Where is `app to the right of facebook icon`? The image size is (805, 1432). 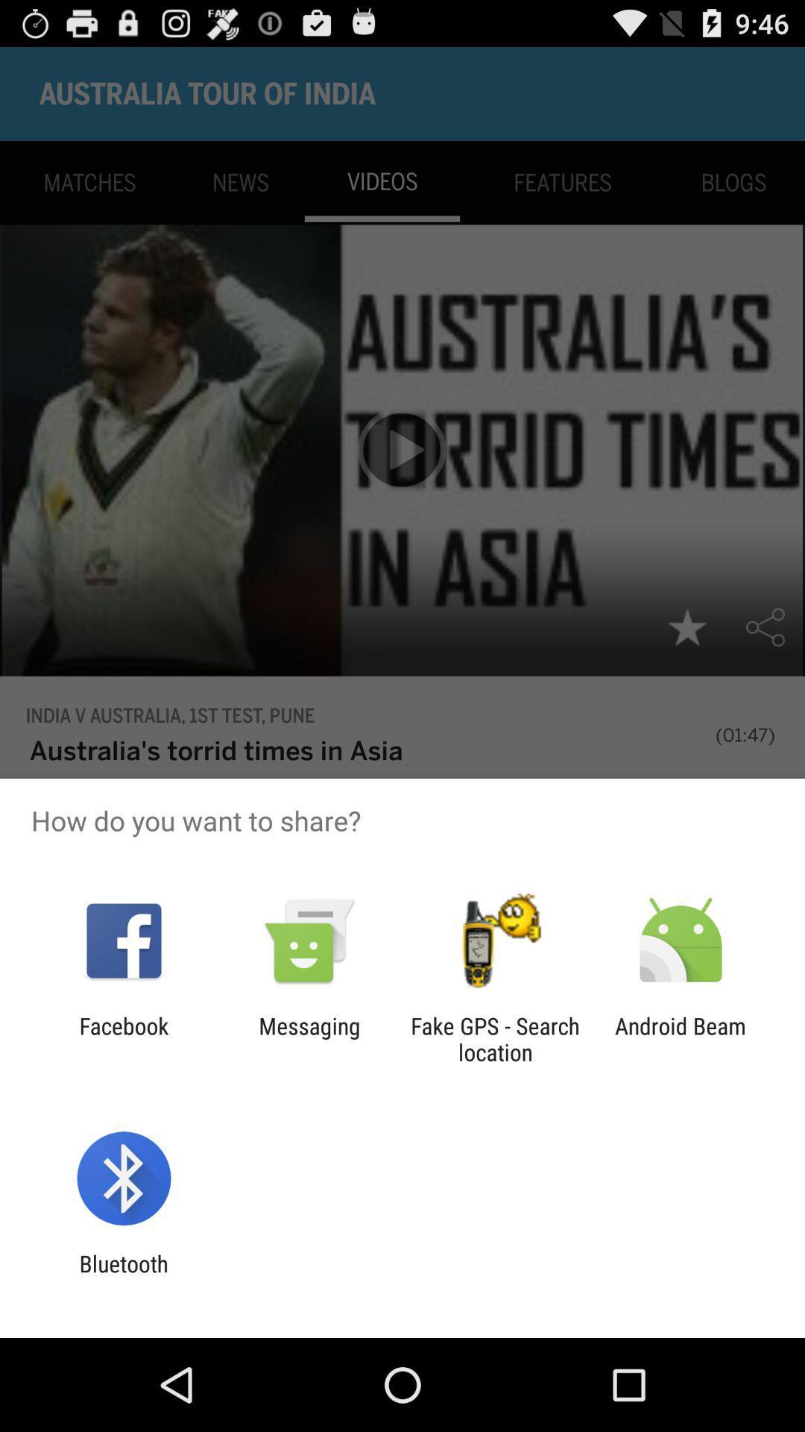 app to the right of facebook icon is located at coordinates (309, 1038).